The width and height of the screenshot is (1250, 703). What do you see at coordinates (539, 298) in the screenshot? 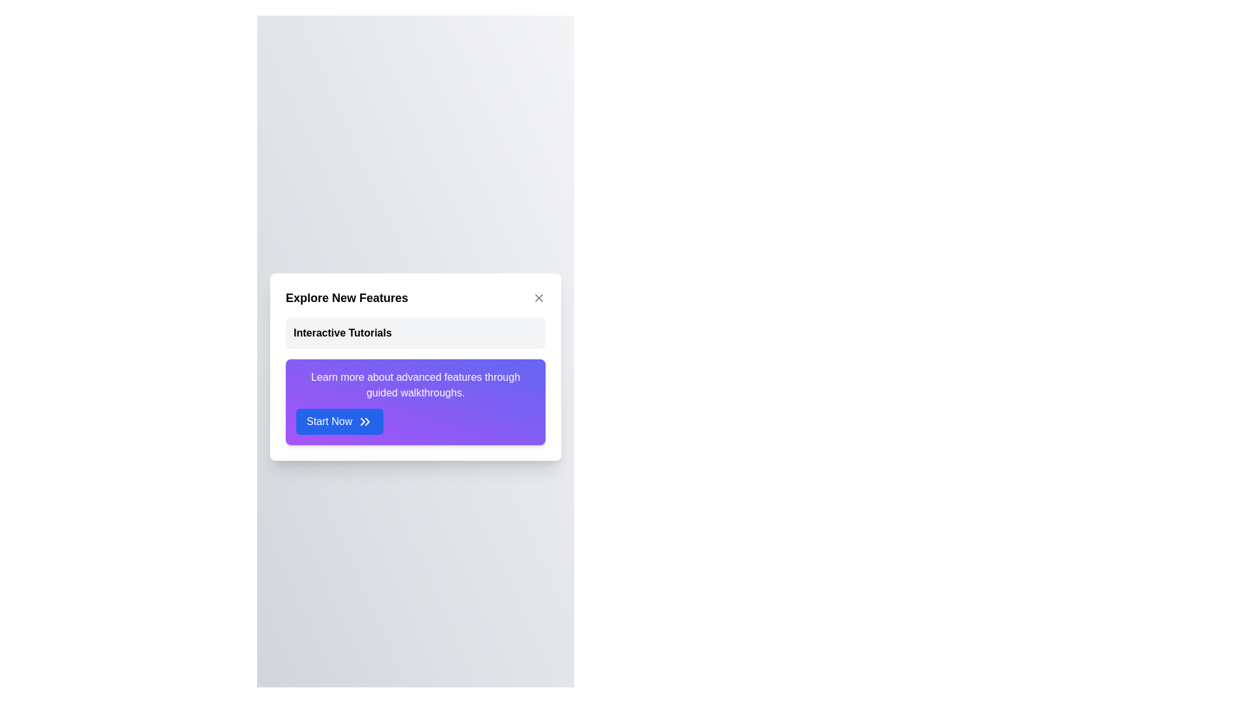
I see `the close button, which is a small square icon with an 'X' mark, located to the far-right of the headline text 'Explore New Features' in the top section of the pop-up` at bounding box center [539, 298].